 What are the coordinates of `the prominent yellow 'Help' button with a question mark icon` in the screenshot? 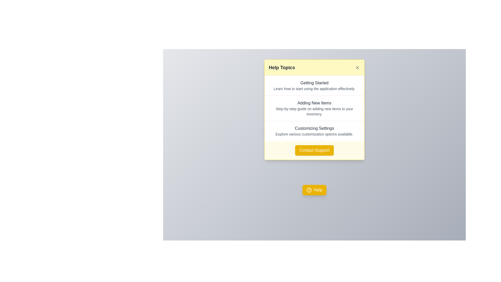 It's located at (314, 190).